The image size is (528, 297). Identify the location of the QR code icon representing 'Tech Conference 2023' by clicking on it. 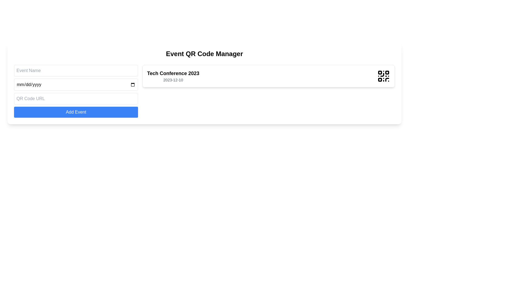
(383, 76).